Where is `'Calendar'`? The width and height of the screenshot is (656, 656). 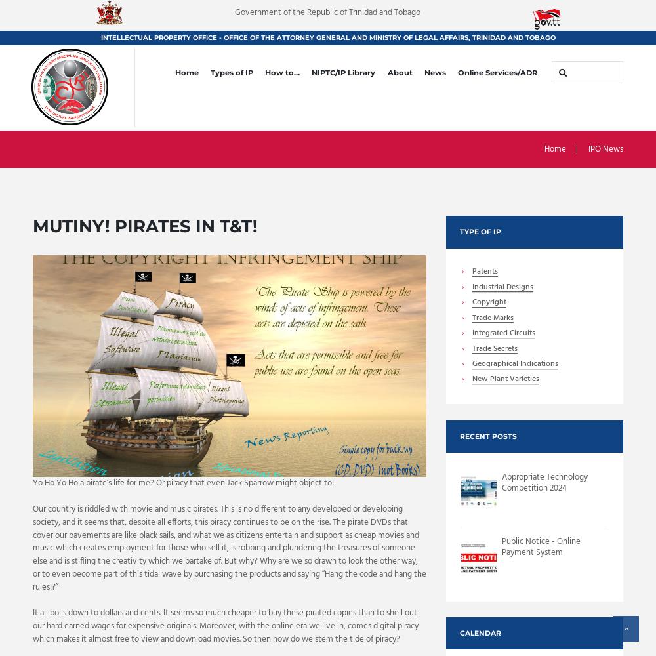 'Calendar' is located at coordinates (480, 632).